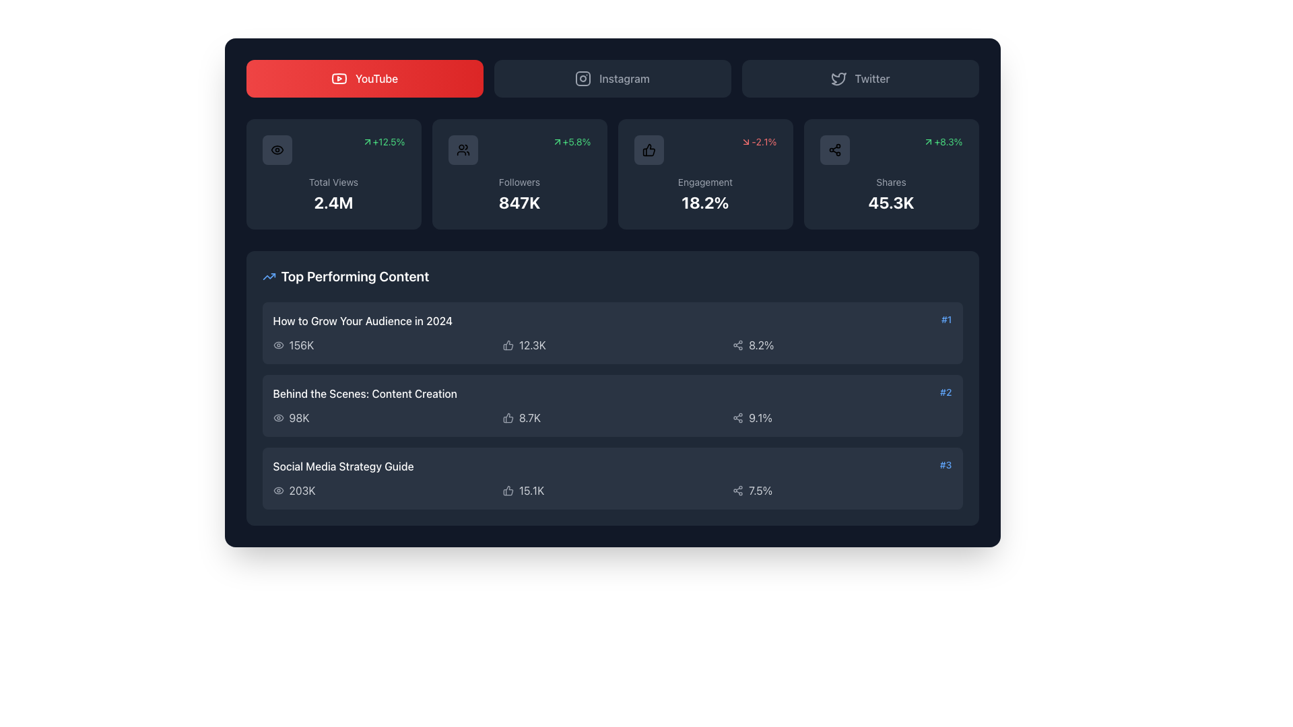 Image resolution: width=1293 pixels, height=727 pixels. What do you see at coordinates (463, 150) in the screenshot?
I see `the 'Followers' icon located in the second card from the left at the top of the interface, which visually represents the 'Followers' statistic with a value of '847K'` at bounding box center [463, 150].